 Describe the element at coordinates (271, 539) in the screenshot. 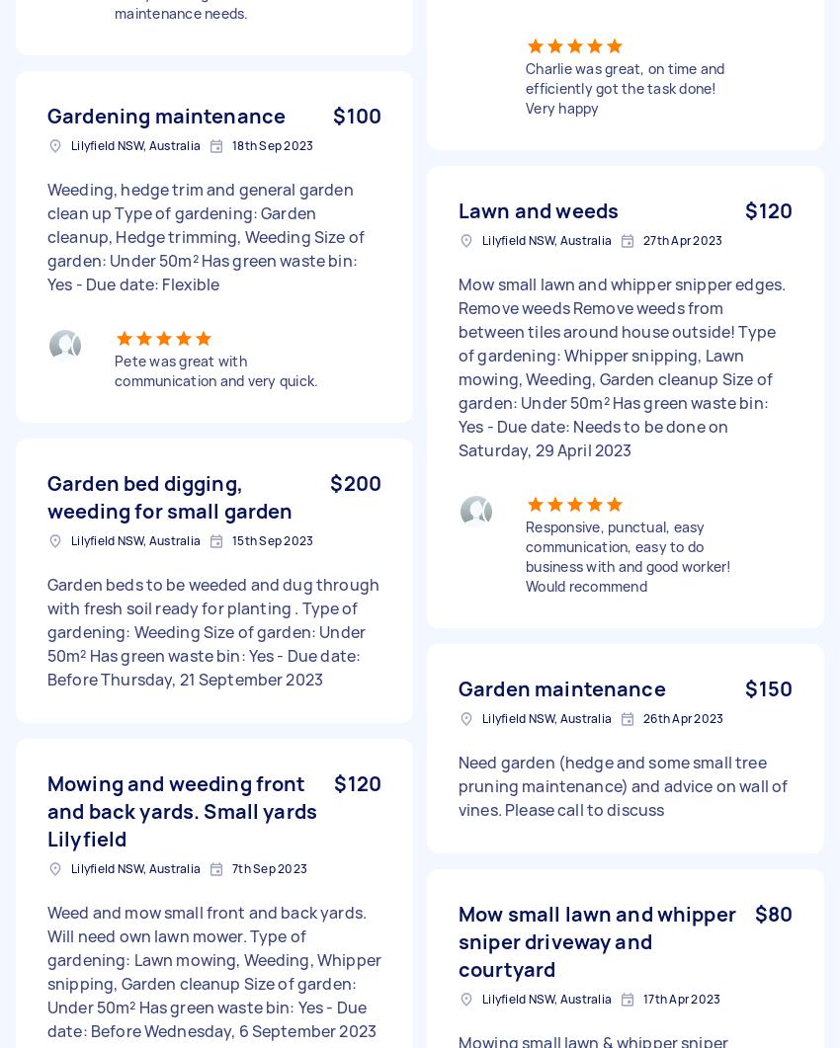

I see `'15th Sep 2023'` at that location.